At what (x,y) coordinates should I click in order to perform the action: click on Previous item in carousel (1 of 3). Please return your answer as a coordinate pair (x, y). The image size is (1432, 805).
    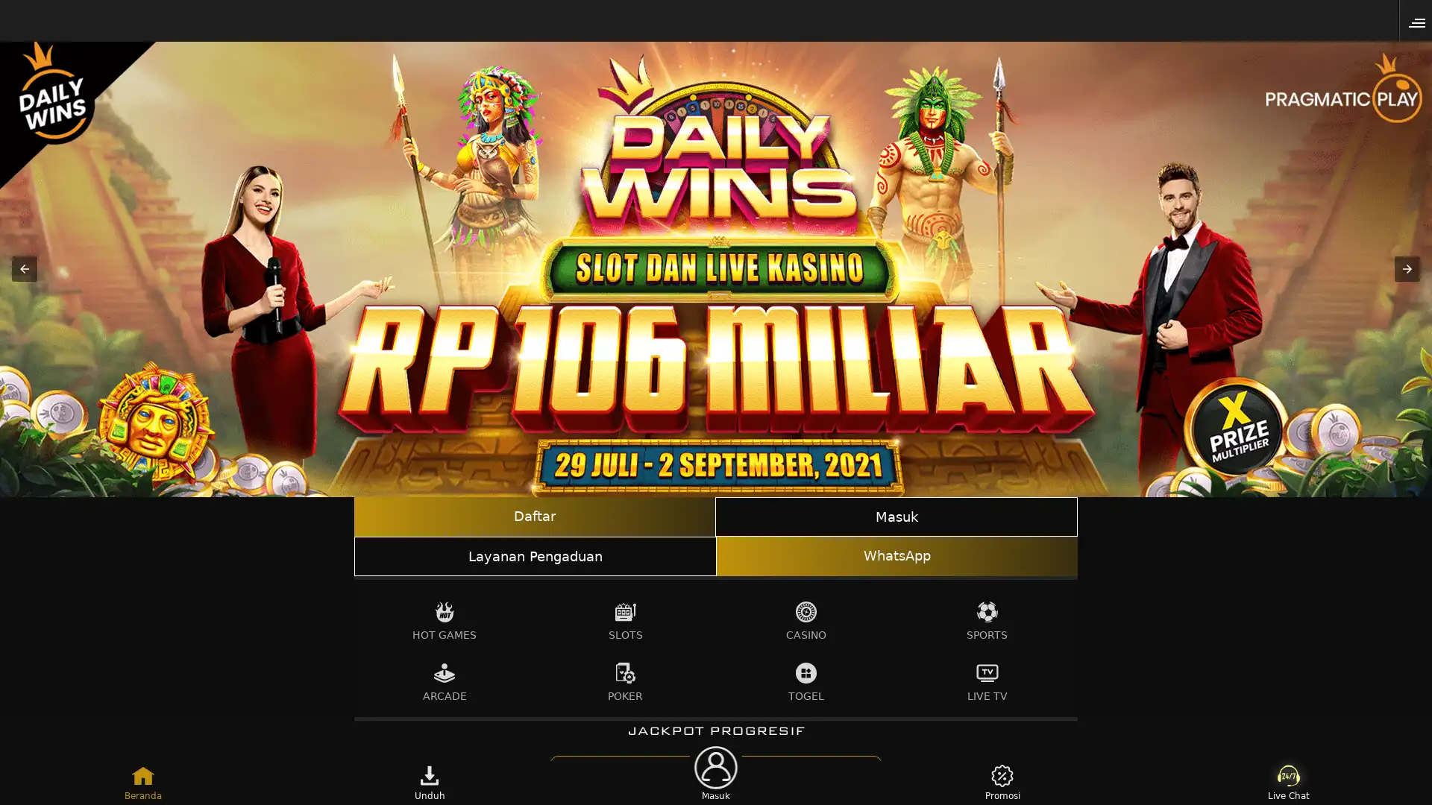
    Looking at the image, I should click on (25, 267).